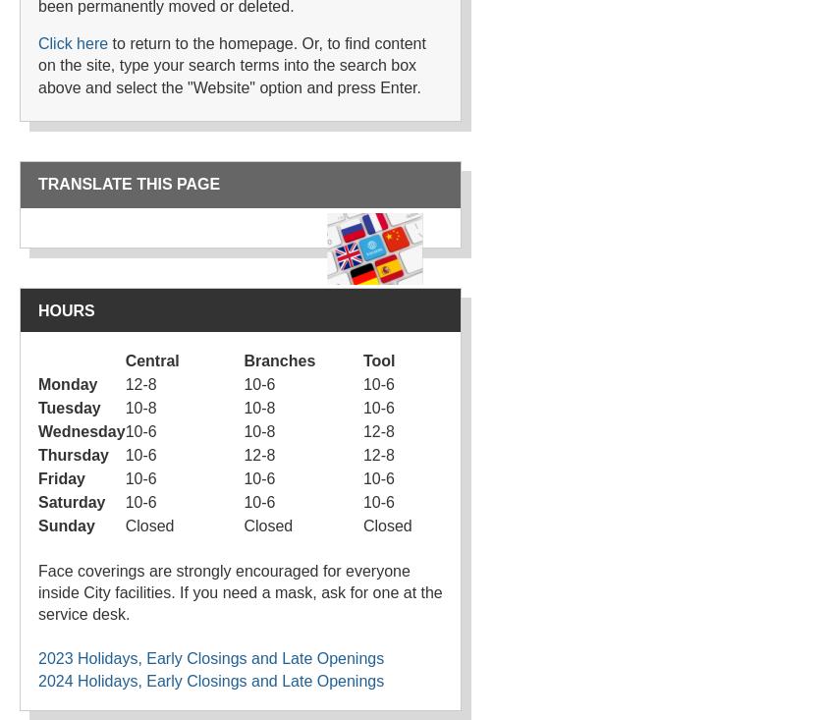 The height and width of the screenshot is (720, 823). I want to click on 'to return to the homepage. Or, to find content on the site, type your search terms into the search box above and select the "Website" option and press Enter.', so click(230, 63).